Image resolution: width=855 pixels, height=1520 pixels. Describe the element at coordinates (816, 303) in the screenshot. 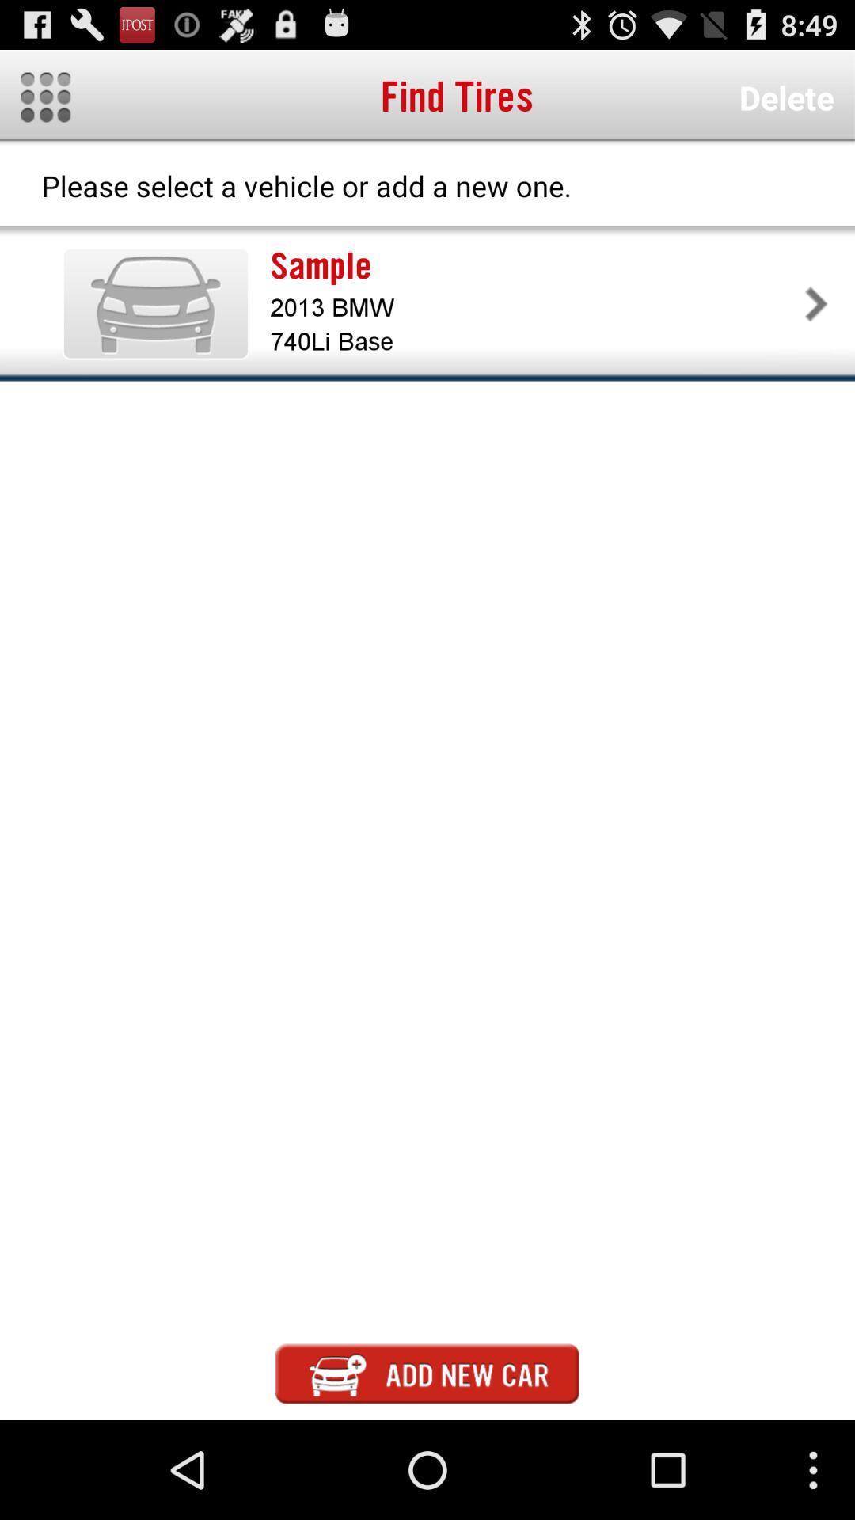

I see `app to the right of the sample icon` at that location.